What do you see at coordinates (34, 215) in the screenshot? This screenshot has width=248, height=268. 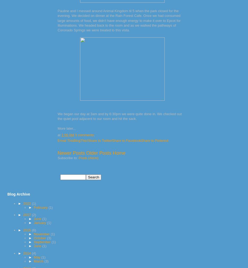 I see `'(2)'` at bounding box center [34, 215].